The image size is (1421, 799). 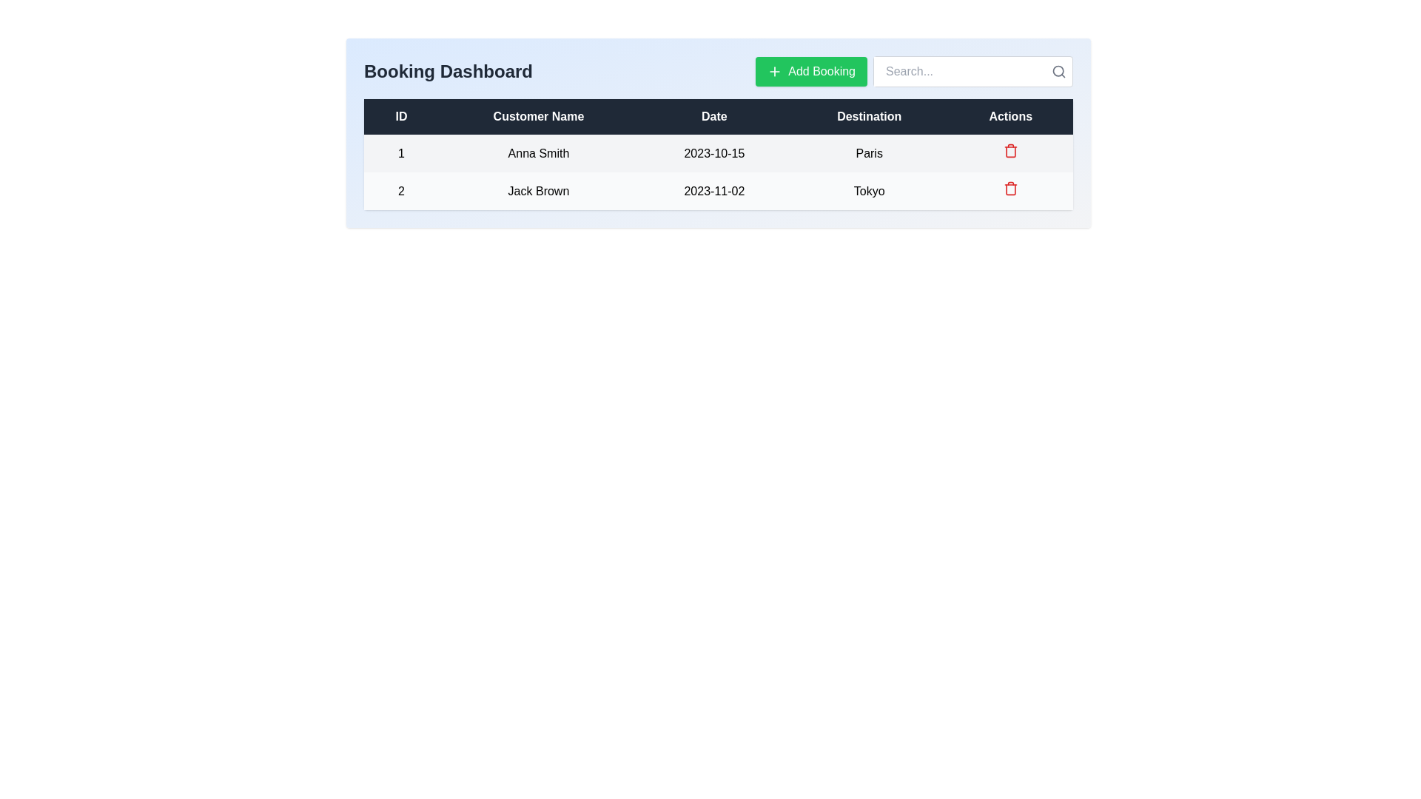 I want to click on the 'Destination' text label, which is the fourth column header in the table between 'Date' and 'Actions', so click(x=869, y=116).